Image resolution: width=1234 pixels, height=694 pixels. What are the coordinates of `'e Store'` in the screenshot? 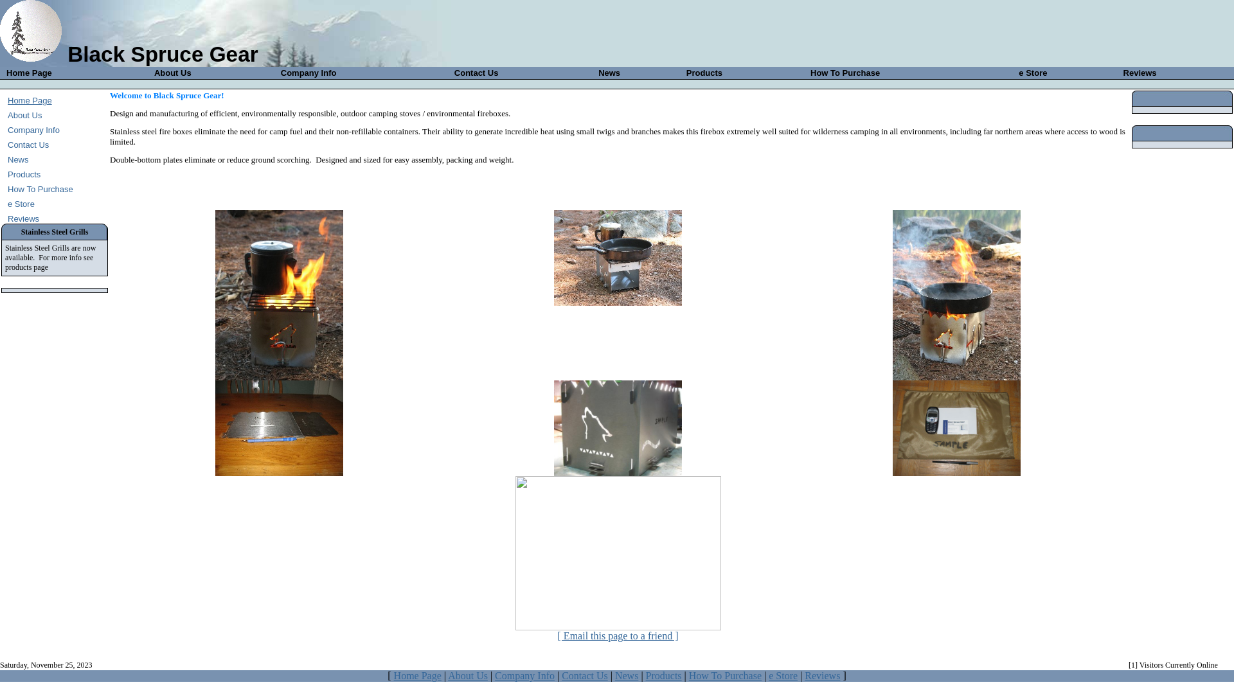 It's located at (782, 675).